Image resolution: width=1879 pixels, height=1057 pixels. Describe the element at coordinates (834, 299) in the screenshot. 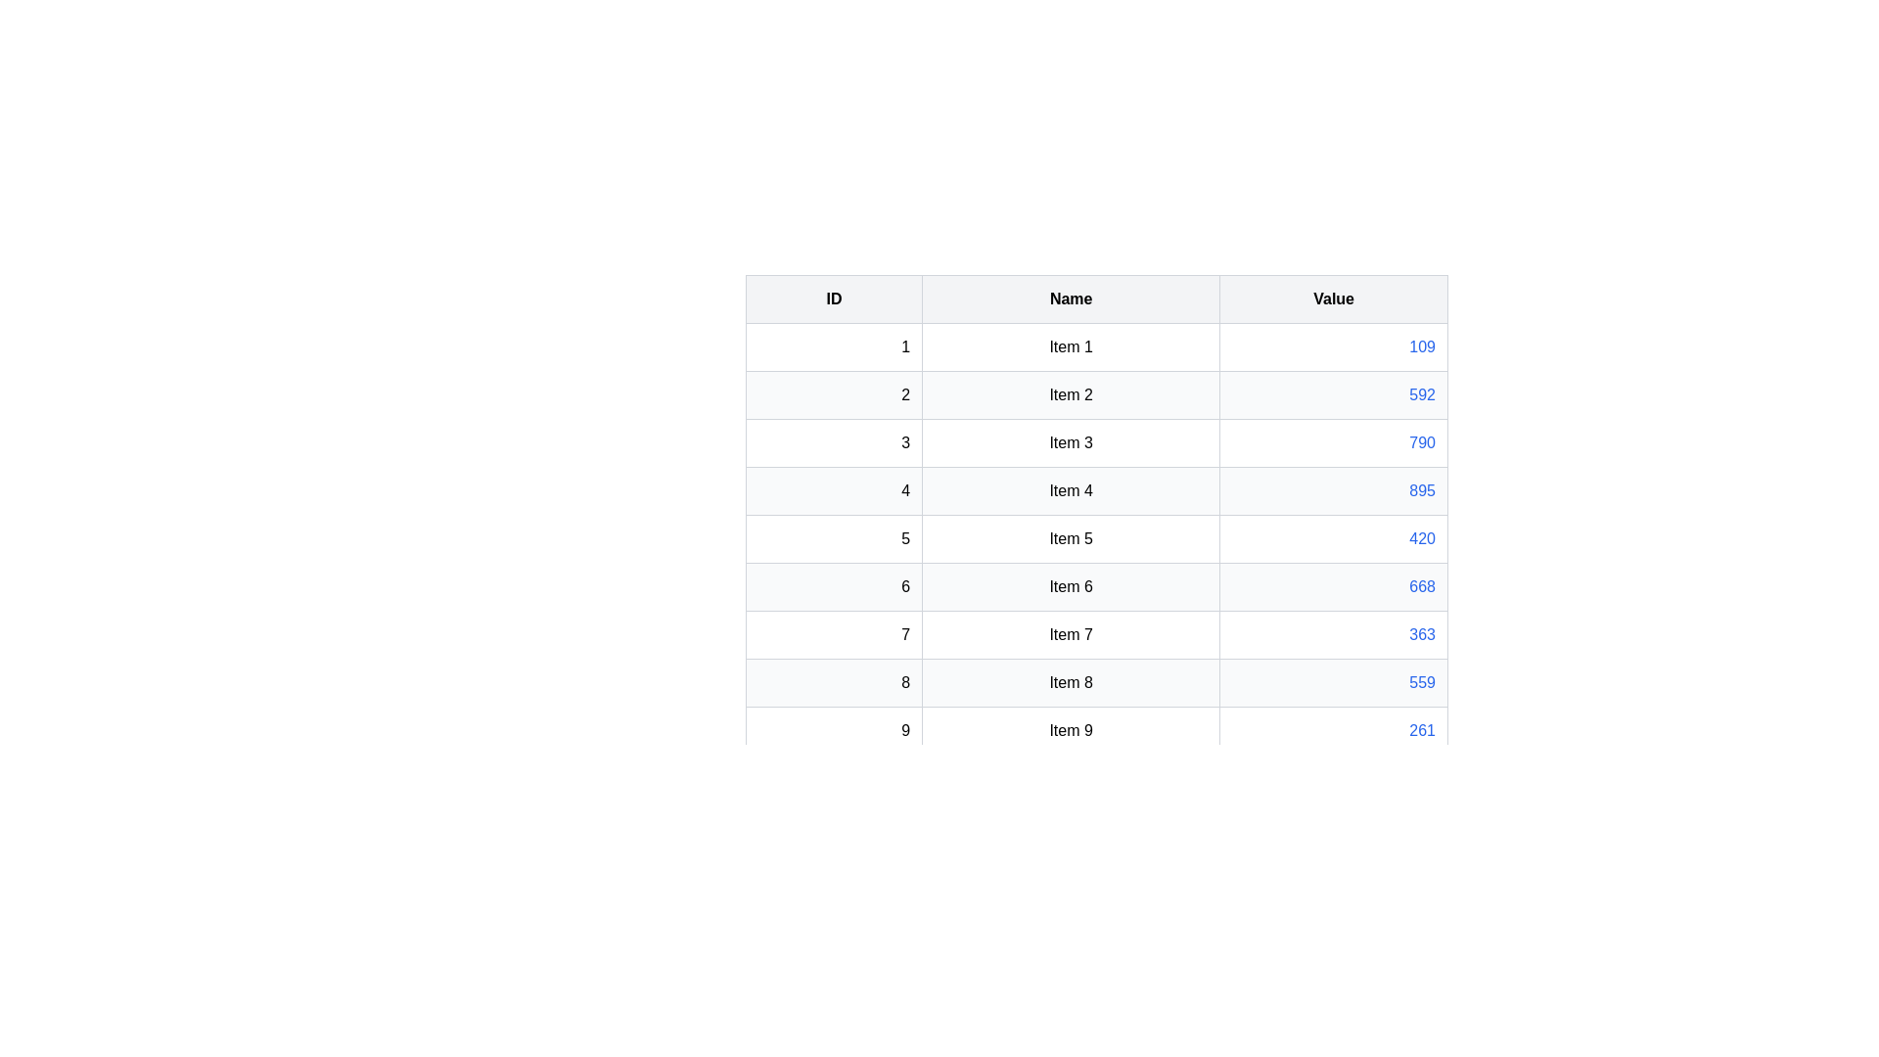

I see `the column header ID to sort the table by that column` at that location.